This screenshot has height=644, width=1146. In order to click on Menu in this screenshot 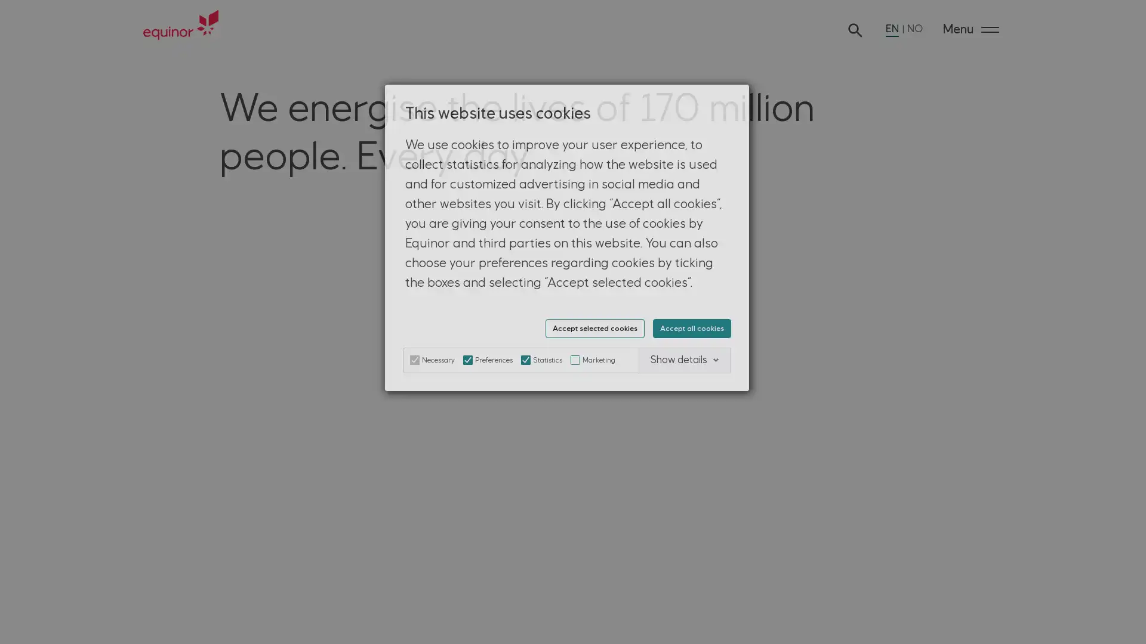, I will do `click(971, 29)`.